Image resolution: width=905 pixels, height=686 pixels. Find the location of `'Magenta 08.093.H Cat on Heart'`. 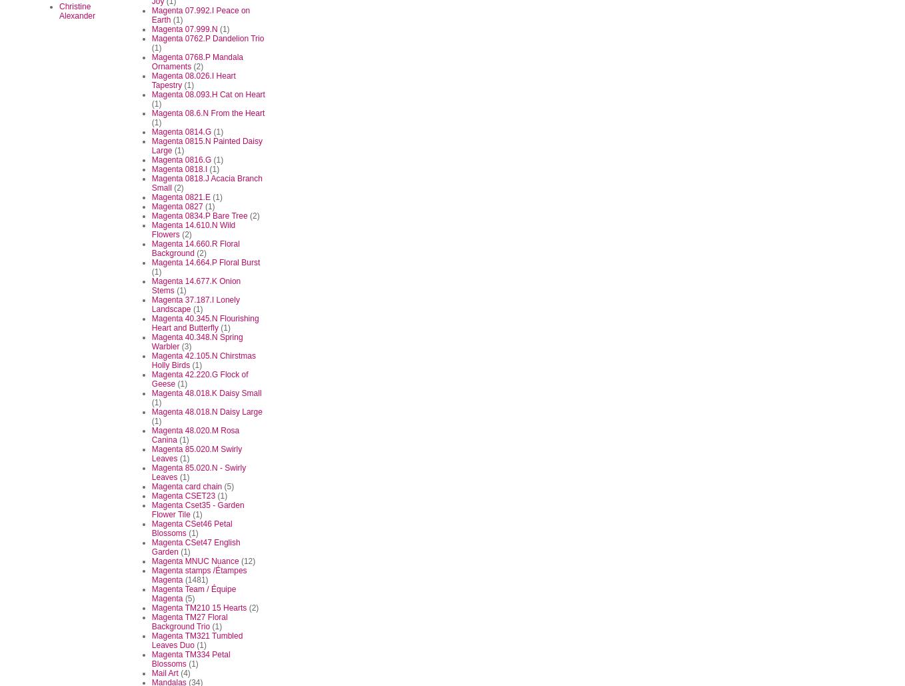

'Magenta 08.093.H Cat on Heart' is located at coordinates (207, 93).